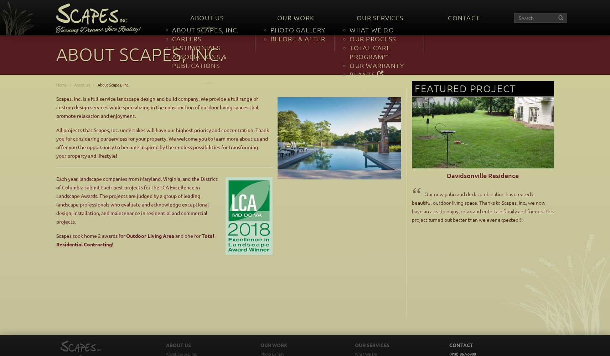 This screenshot has height=356, width=610. What do you see at coordinates (372, 38) in the screenshot?
I see `'Our Process'` at bounding box center [372, 38].